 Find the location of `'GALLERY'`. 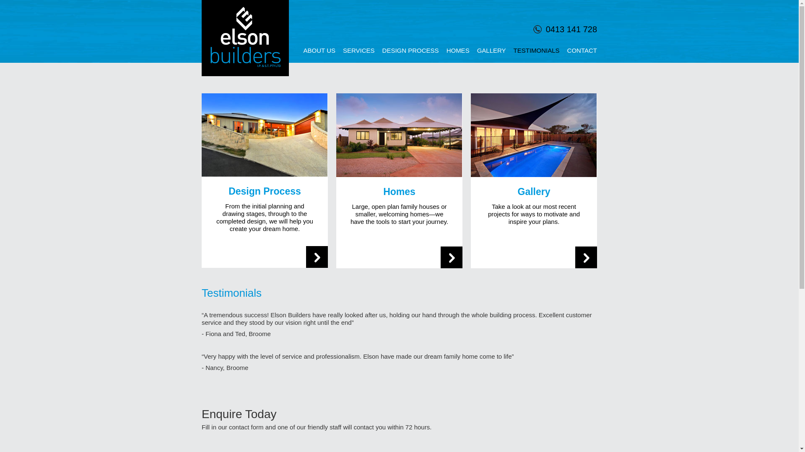

'GALLERY' is located at coordinates (491, 50).